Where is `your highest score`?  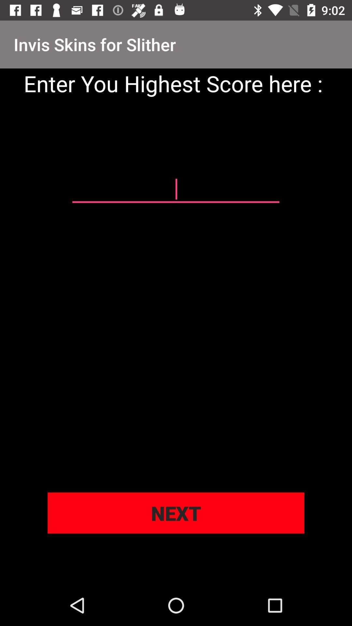 your highest score is located at coordinates (175, 189).